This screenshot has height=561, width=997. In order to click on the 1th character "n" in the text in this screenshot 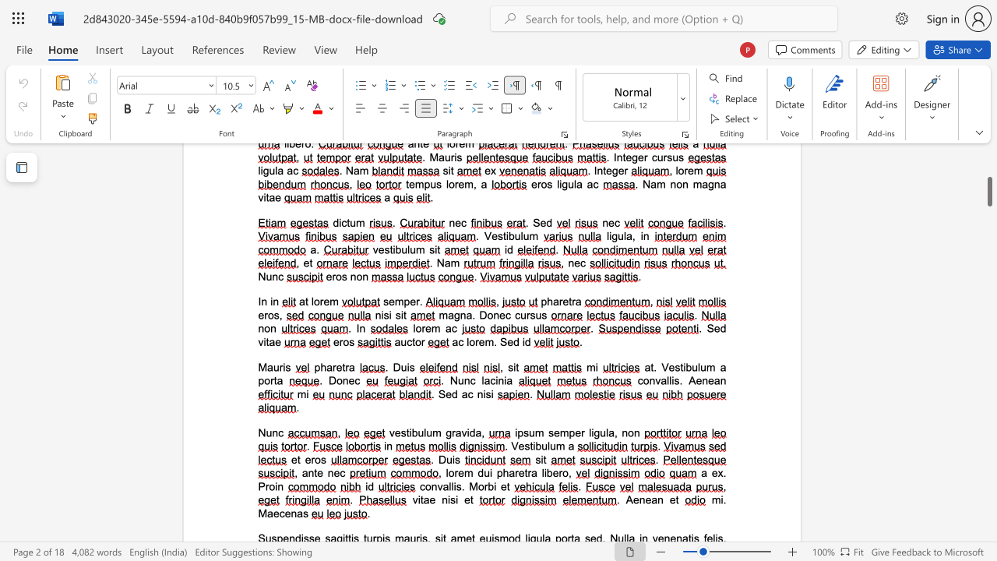, I will do `click(466, 380)`.